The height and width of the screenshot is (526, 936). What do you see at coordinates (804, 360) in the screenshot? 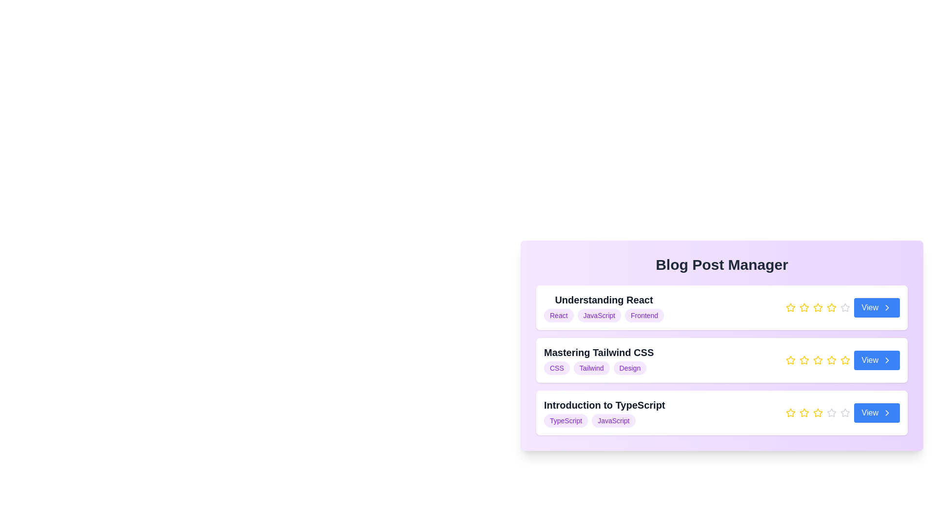
I see `the second star icon` at bounding box center [804, 360].